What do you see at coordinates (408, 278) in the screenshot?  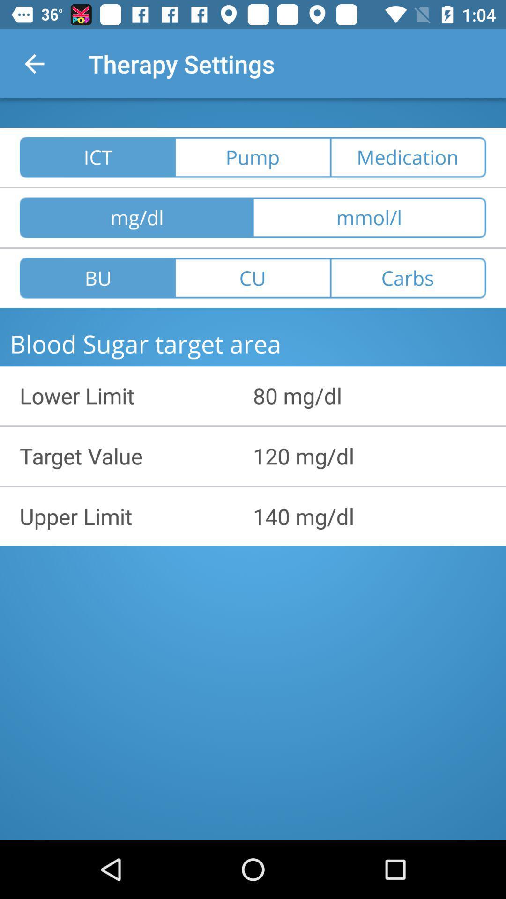 I see `icon above blood sugar target item` at bounding box center [408, 278].